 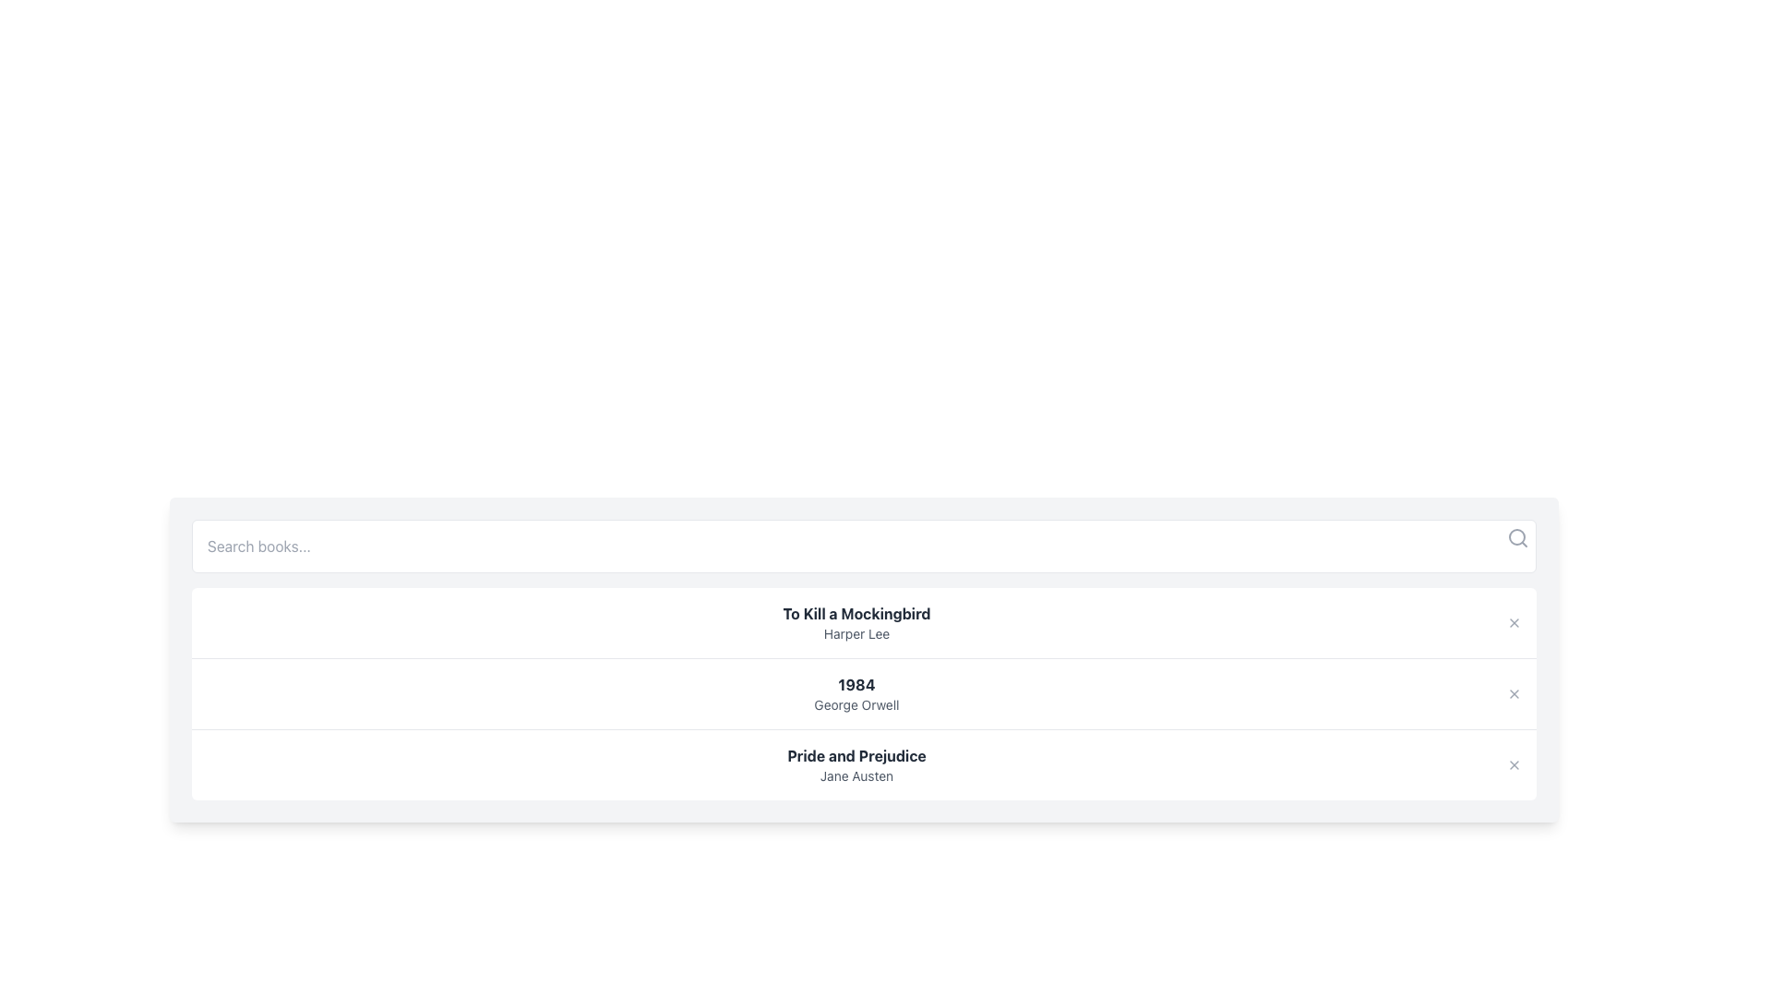 What do you see at coordinates (1515, 623) in the screenshot?
I see `the removal button for the book entry of 'To Kill a Mockingbird' by Harper Lee` at bounding box center [1515, 623].